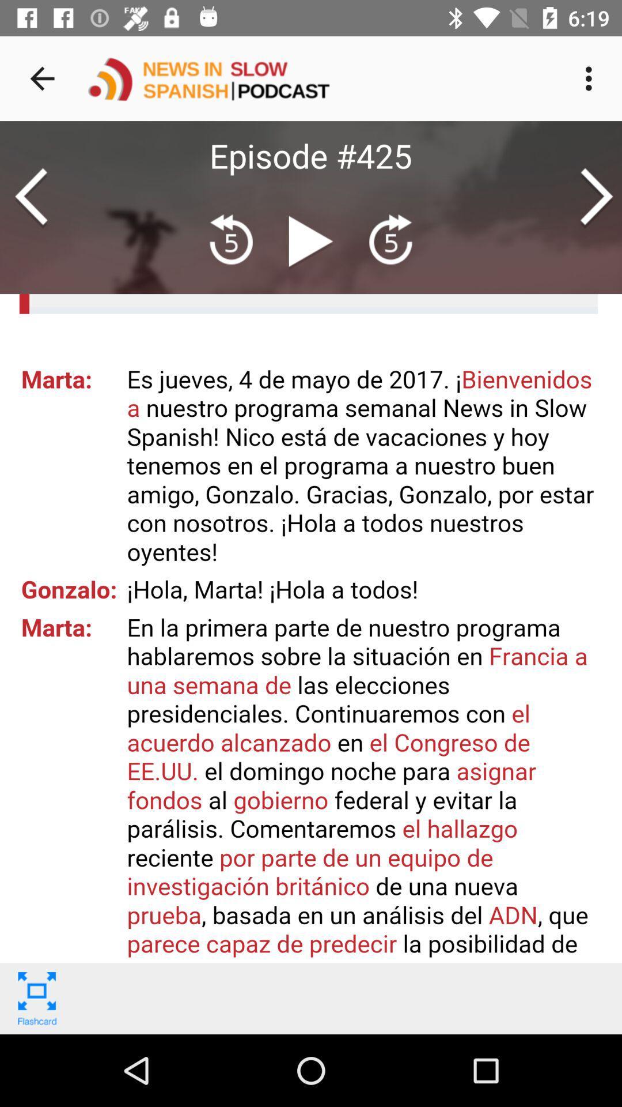 The width and height of the screenshot is (622, 1107). What do you see at coordinates (390, 239) in the screenshot?
I see `the av_forward icon` at bounding box center [390, 239].